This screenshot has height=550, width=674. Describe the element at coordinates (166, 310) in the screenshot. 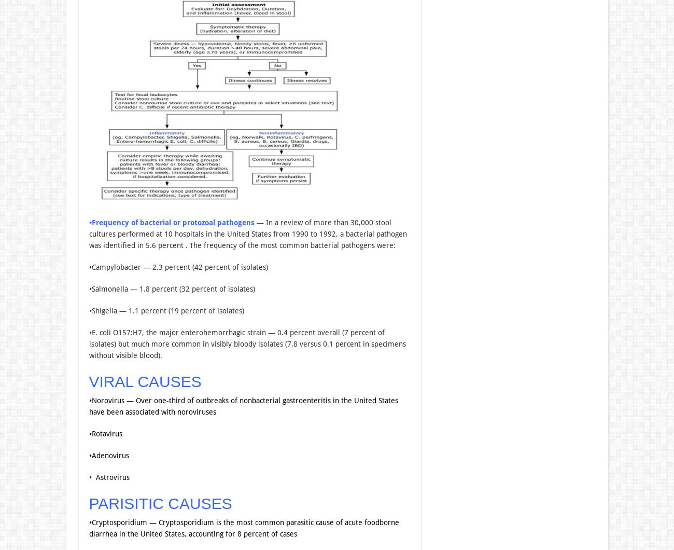

I see `'•Shigella — 1.1 percent (19 percent of isolates)'` at that location.